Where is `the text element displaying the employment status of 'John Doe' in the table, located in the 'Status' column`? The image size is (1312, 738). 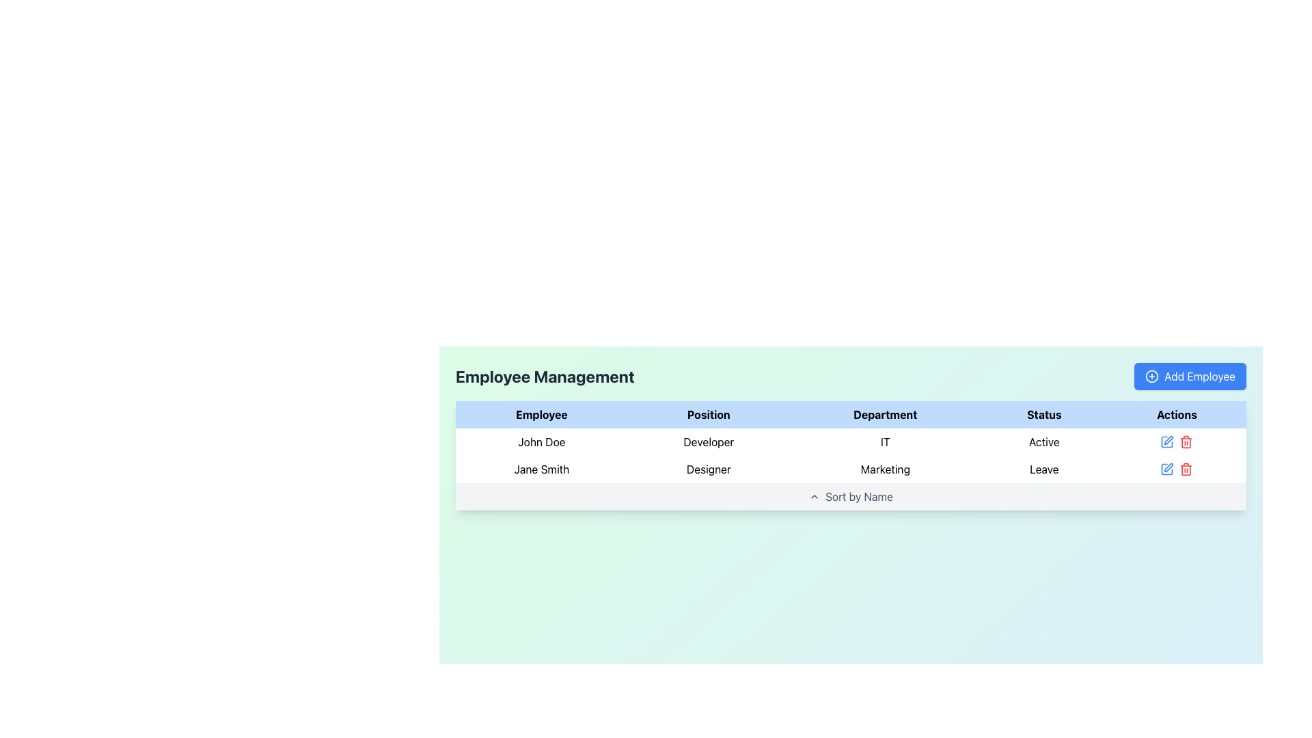
the text element displaying the employment status of 'John Doe' in the table, located in the 'Status' column is located at coordinates (1043, 442).